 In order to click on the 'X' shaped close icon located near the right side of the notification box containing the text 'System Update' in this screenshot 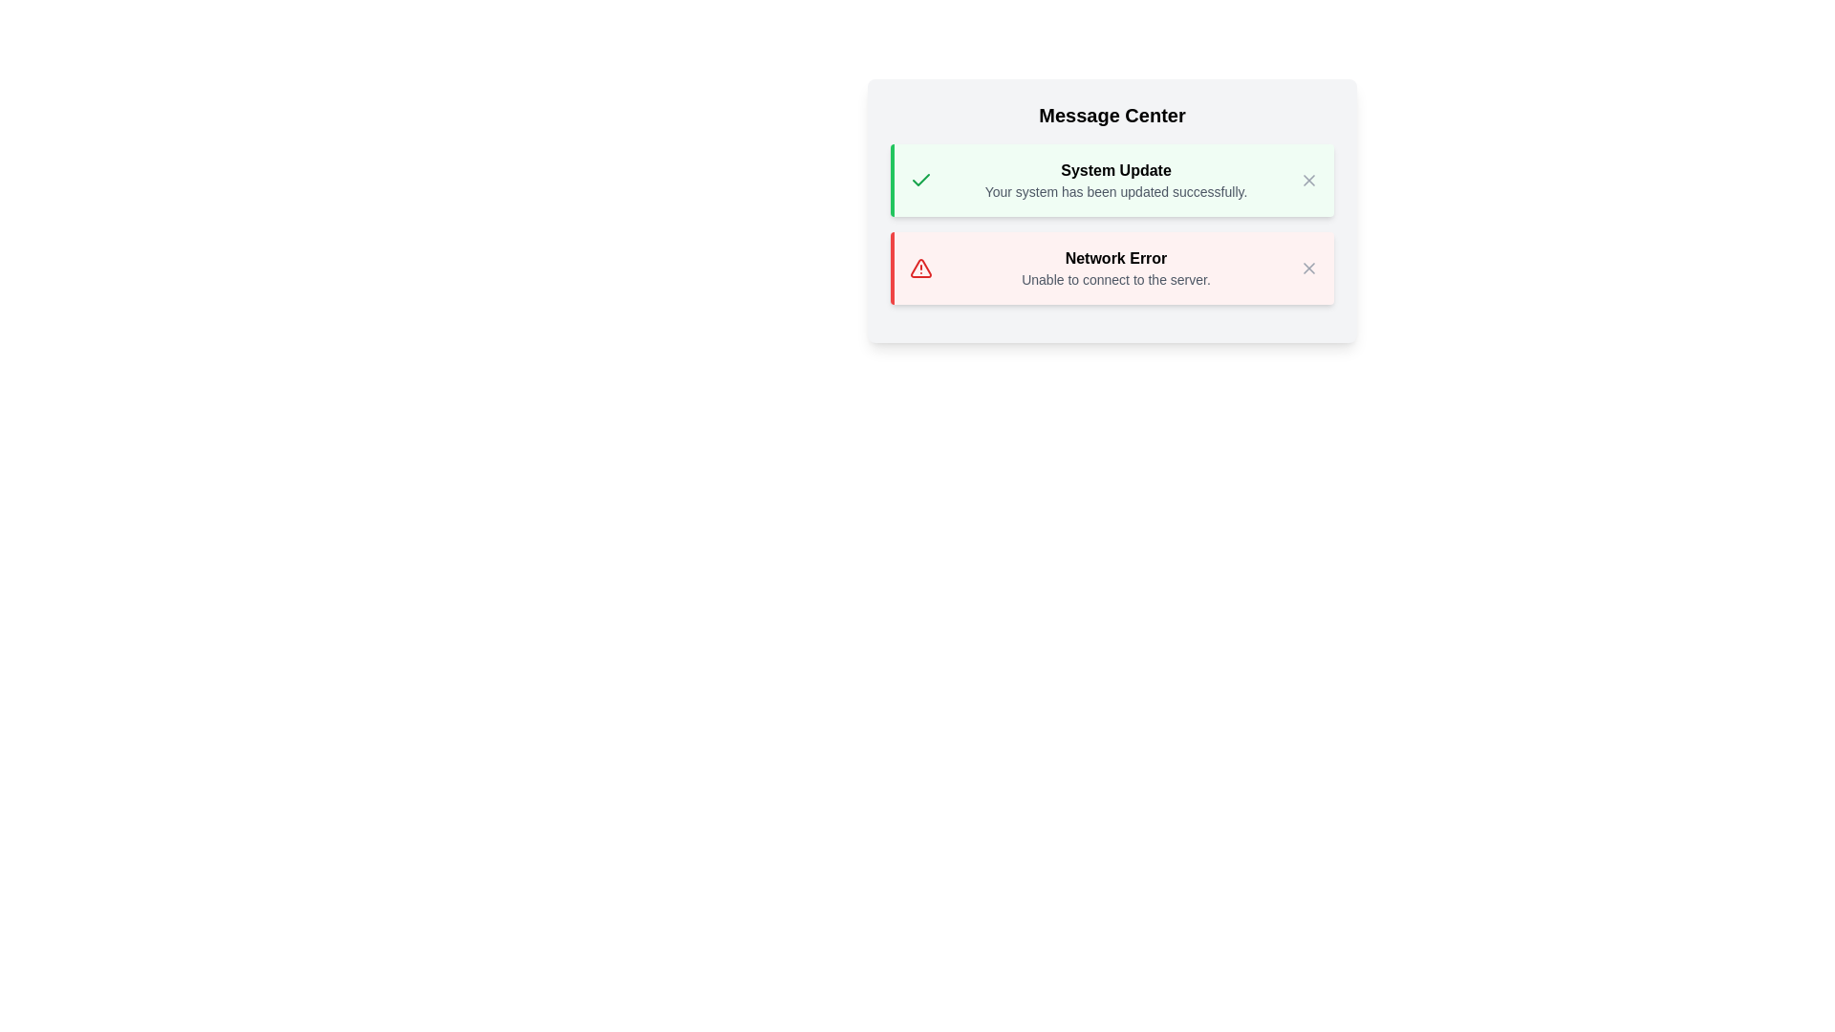, I will do `click(1307, 181)`.